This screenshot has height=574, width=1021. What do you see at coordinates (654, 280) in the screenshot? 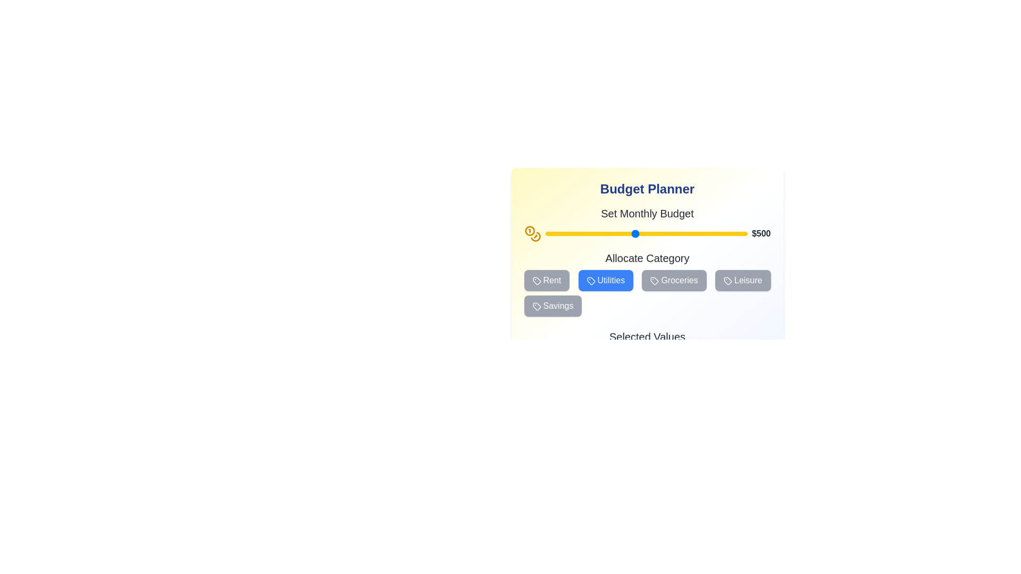
I see `the decorative icon representing the 'Groceries' category within the button labeled 'Groceries', which is part of the 'Allocate Category' group` at bounding box center [654, 280].